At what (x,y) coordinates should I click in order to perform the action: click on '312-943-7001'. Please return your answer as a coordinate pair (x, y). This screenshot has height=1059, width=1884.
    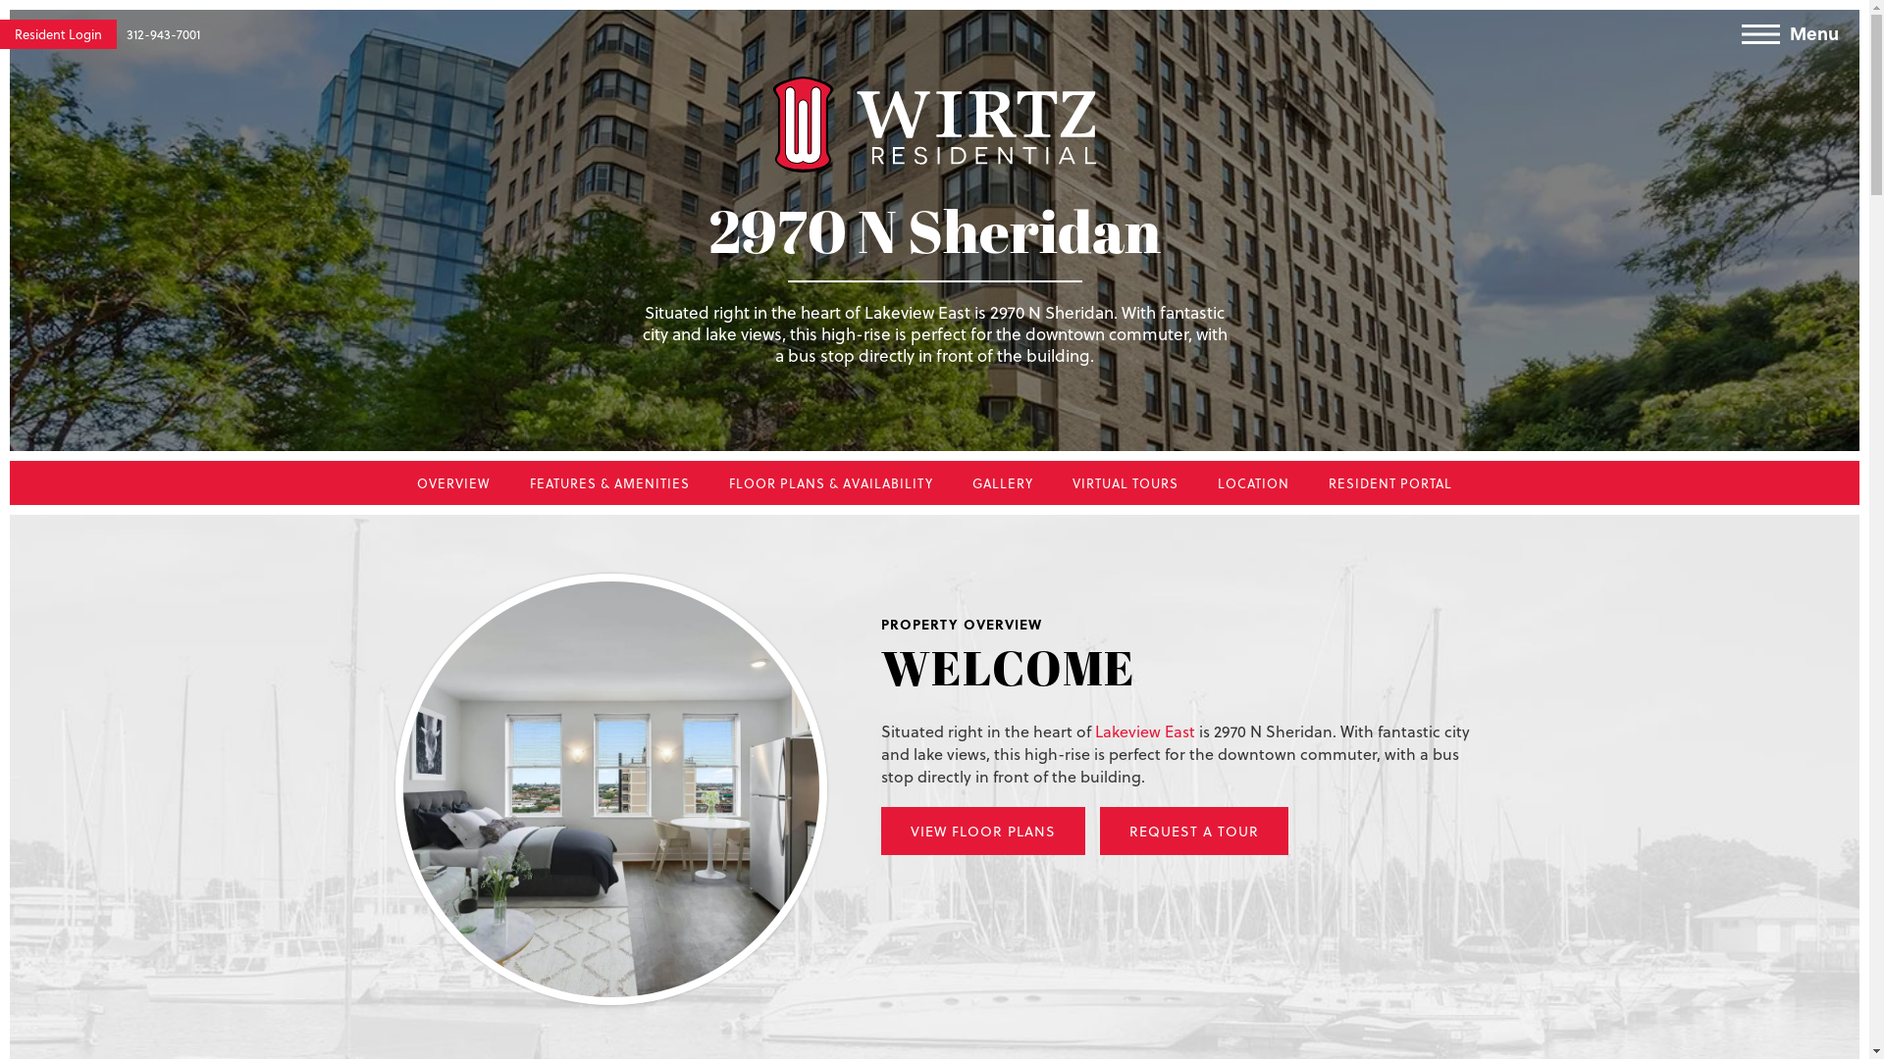
    Looking at the image, I should click on (163, 33).